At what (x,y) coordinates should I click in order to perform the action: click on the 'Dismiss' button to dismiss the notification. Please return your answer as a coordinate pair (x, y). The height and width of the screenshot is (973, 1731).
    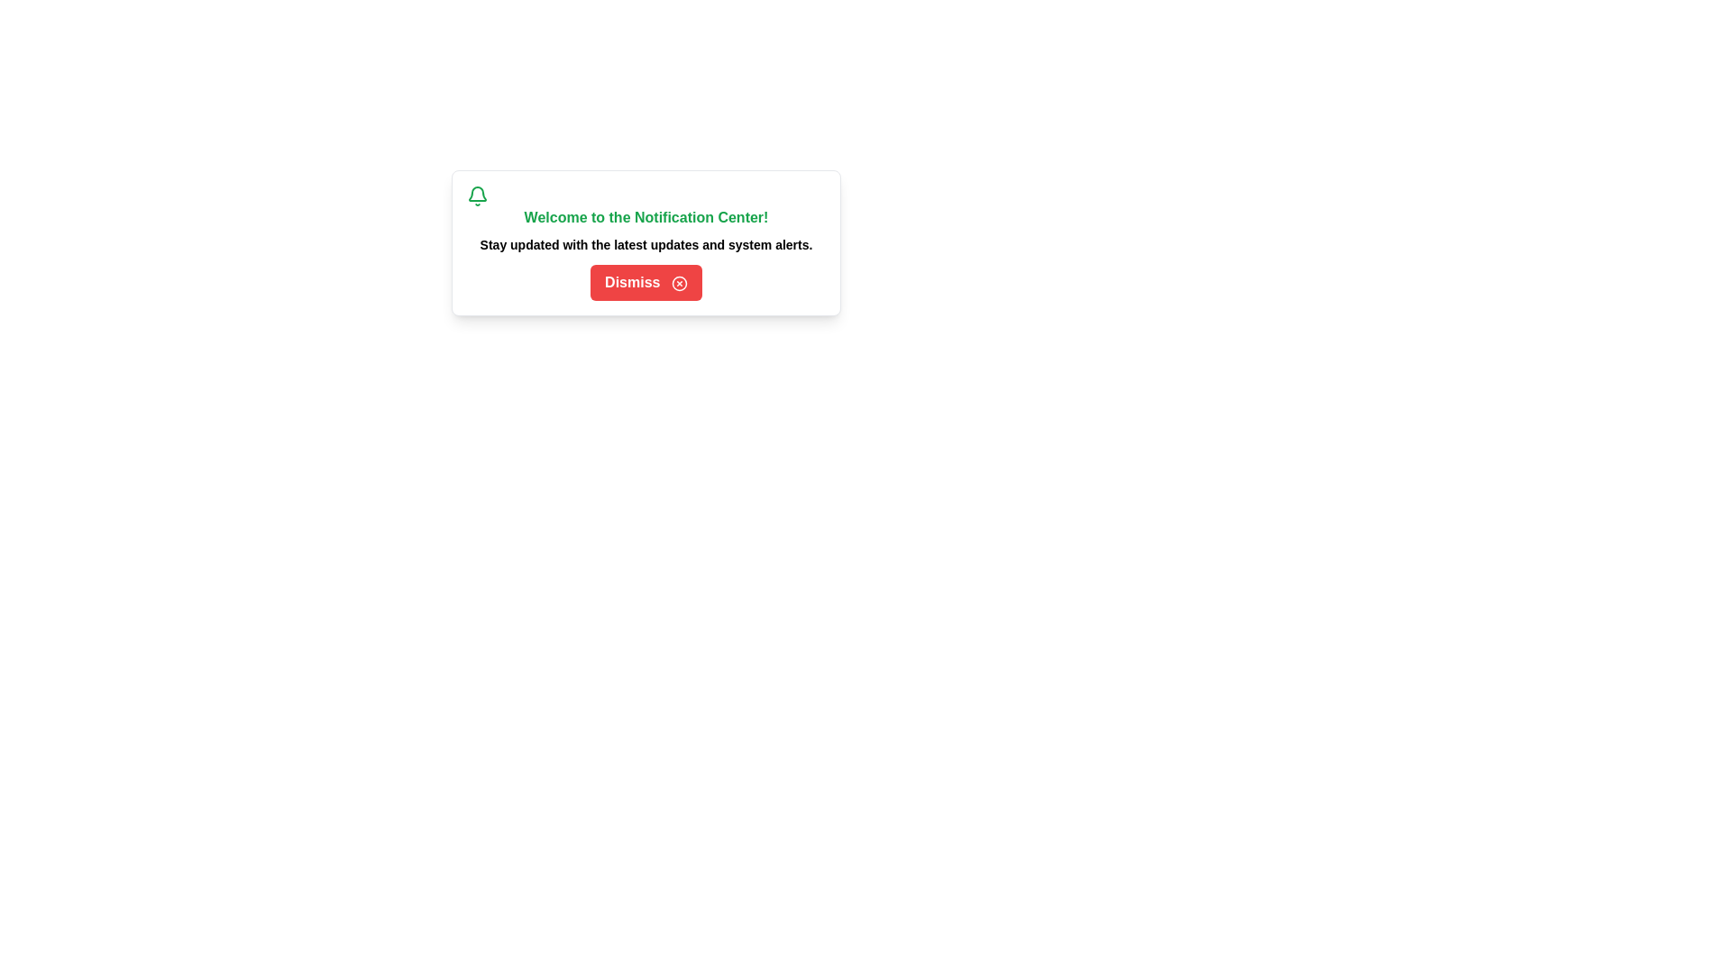
    Looking at the image, I should click on (646, 282).